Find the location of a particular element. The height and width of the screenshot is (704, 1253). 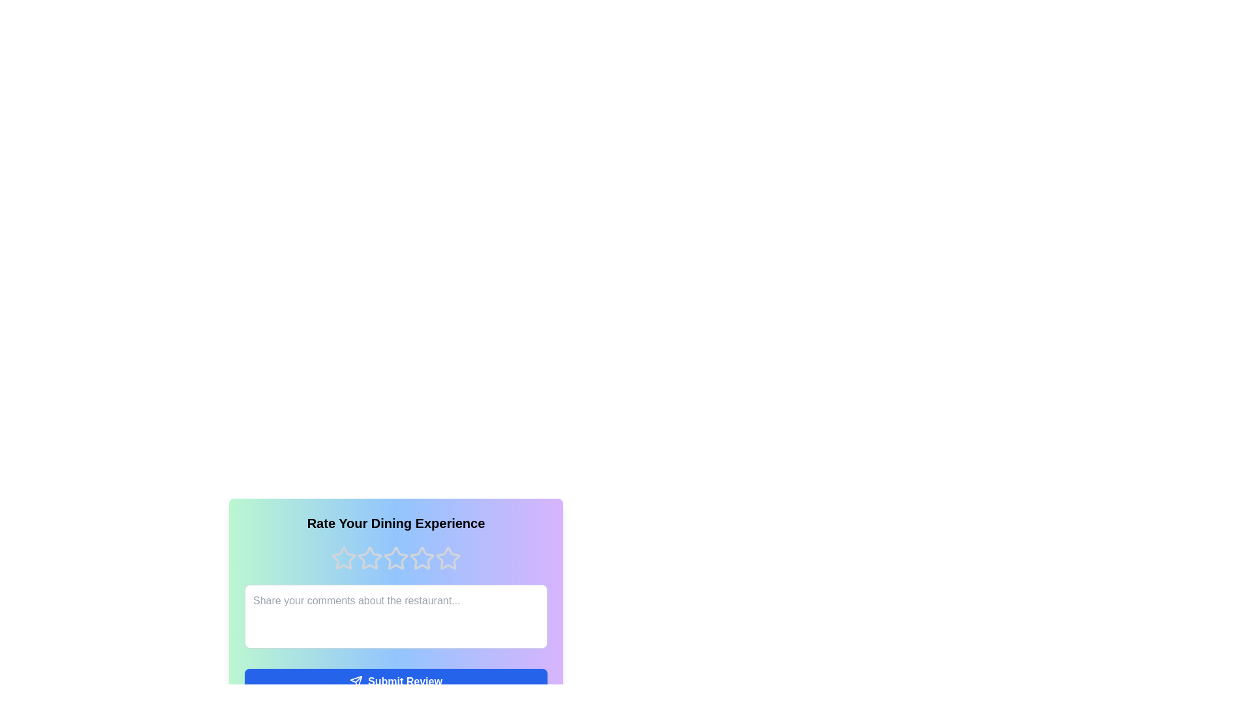

the first star-shaped icon in a horizontal sequence of five stars, which is outlined in gray and positioned below the text 'Rate Your Dining Experience' is located at coordinates (344, 557).